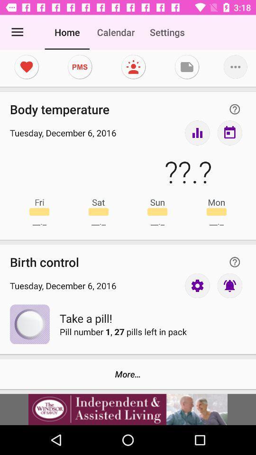  I want to click on advertisement for assisted living, so click(128, 409).